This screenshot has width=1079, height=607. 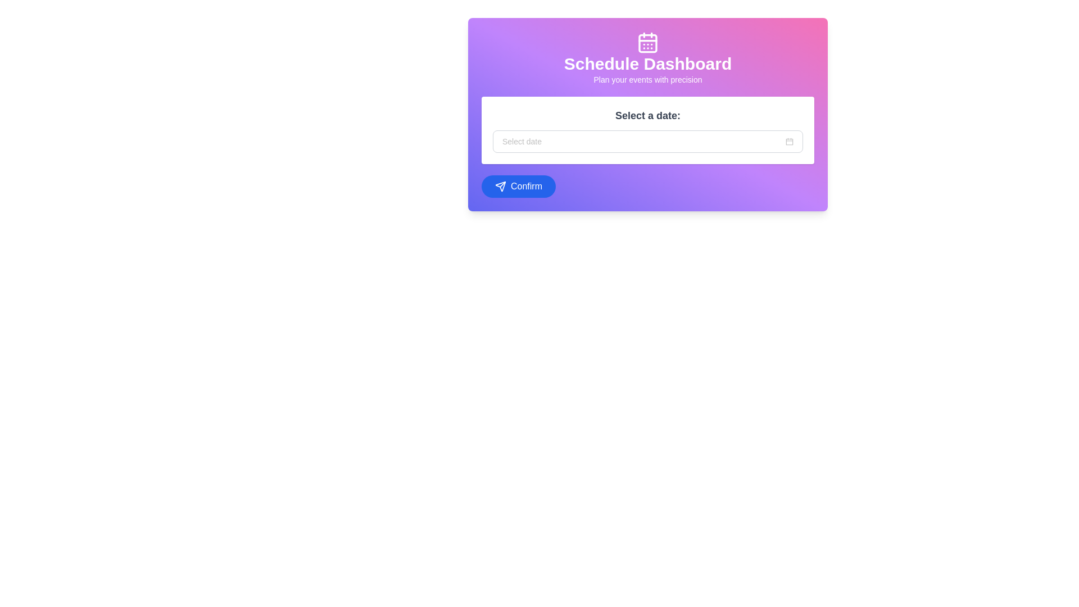 What do you see at coordinates (647, 129) in the screenshot?
I see `the date-picker input field located in the main panel of the 'Schedule Dashboard'` at bounding box center [647, 129].